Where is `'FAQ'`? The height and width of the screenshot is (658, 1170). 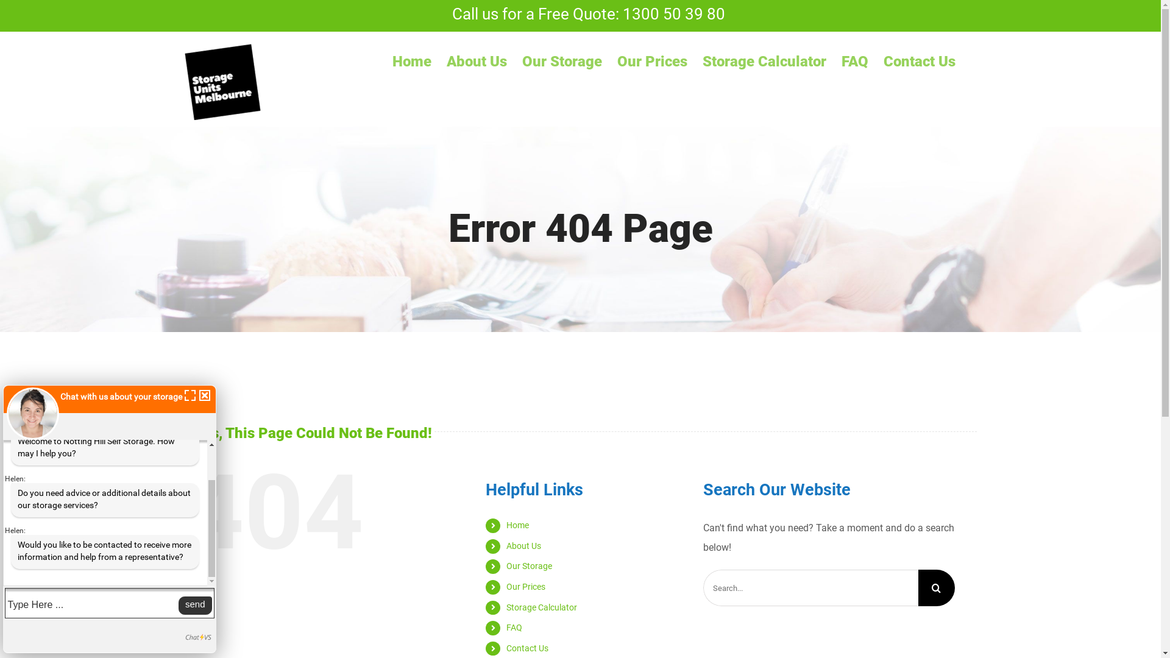
'FAQ' is located at coordinates (514, 627).